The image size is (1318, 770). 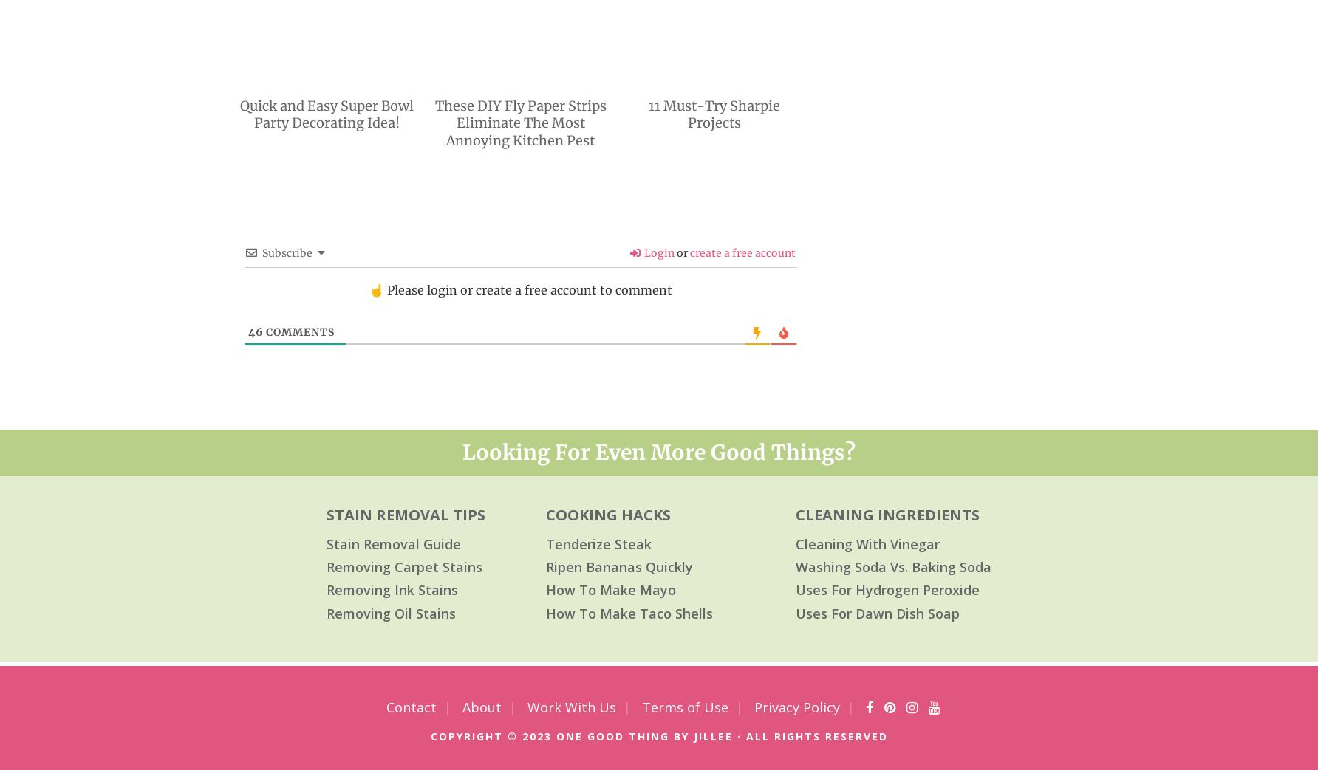 What do you see at coordinates (492, 735) in the screenshot?
I see `'copyright © 2023'` at bounding box center [492, 735].